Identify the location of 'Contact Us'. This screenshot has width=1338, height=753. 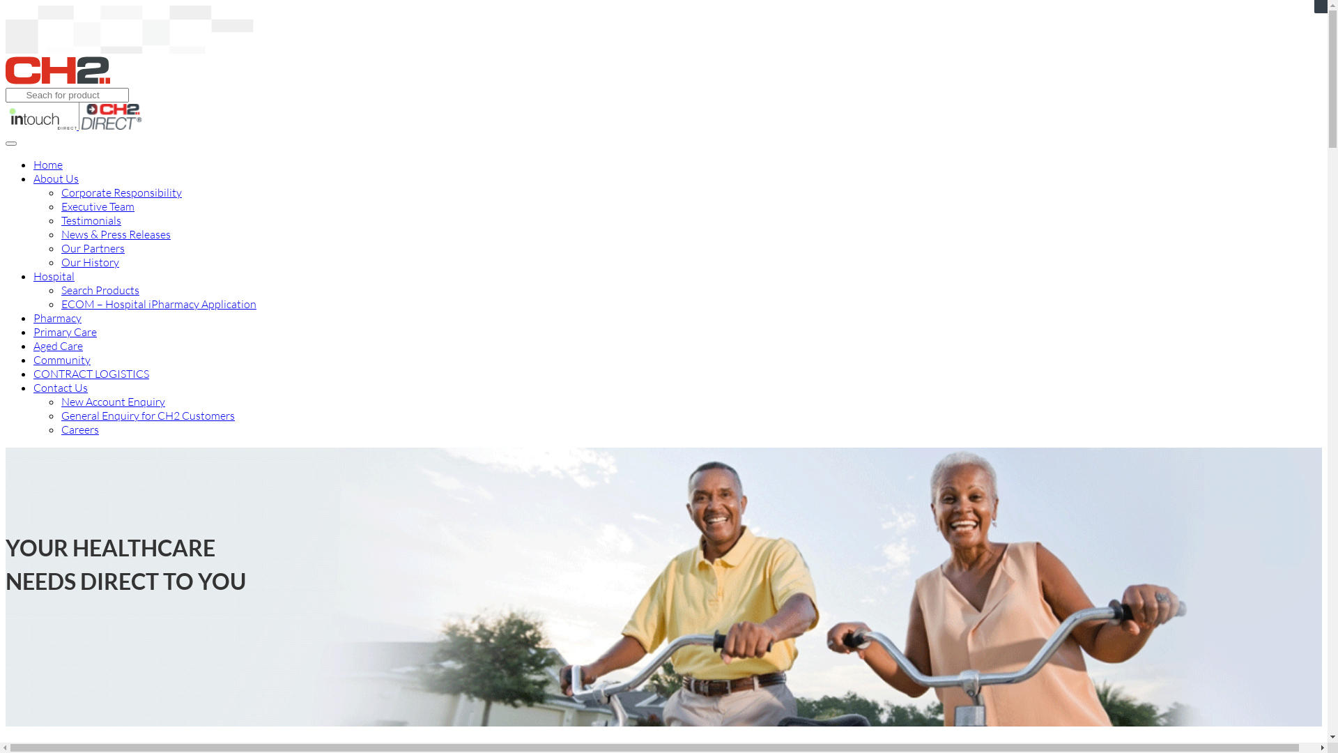
(59, 387).